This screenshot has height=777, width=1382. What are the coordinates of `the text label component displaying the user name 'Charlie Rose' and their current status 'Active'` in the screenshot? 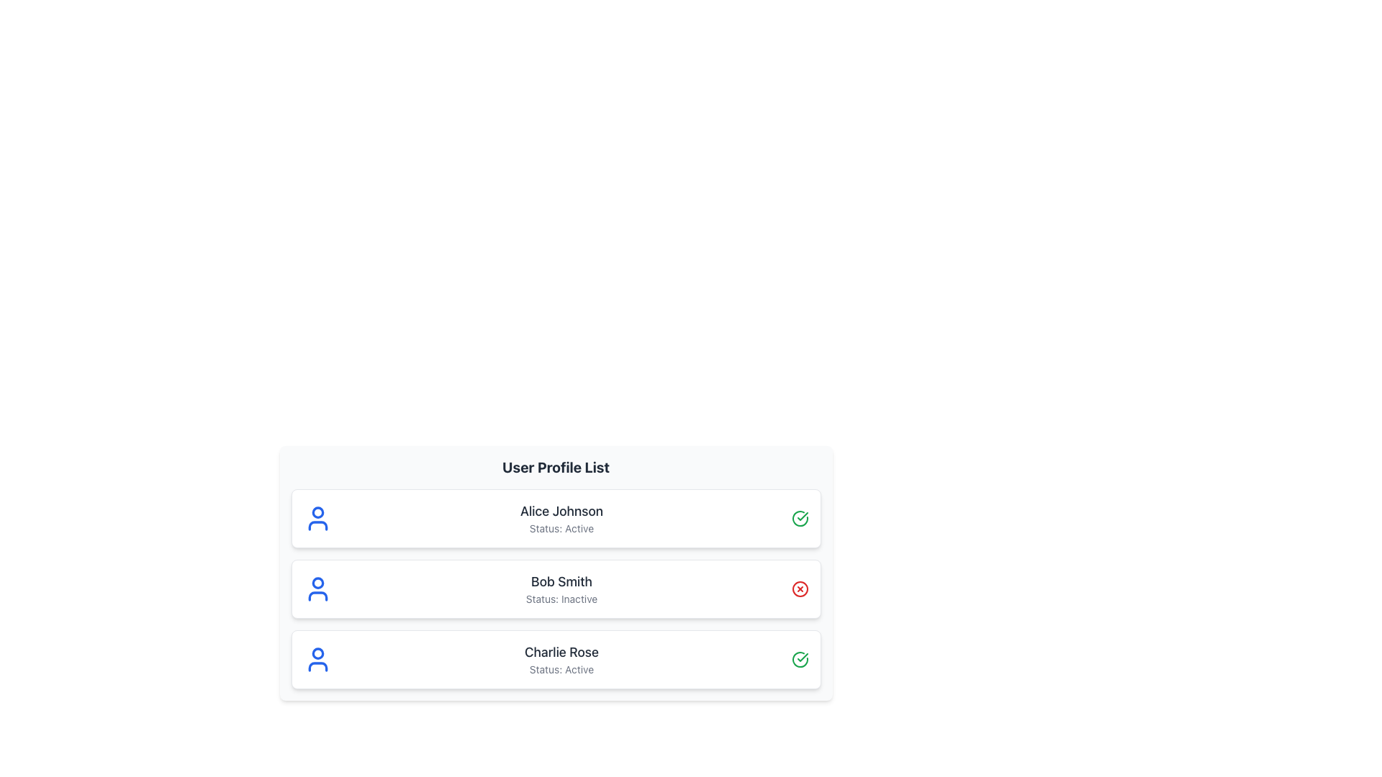 It's located at (561, 660).